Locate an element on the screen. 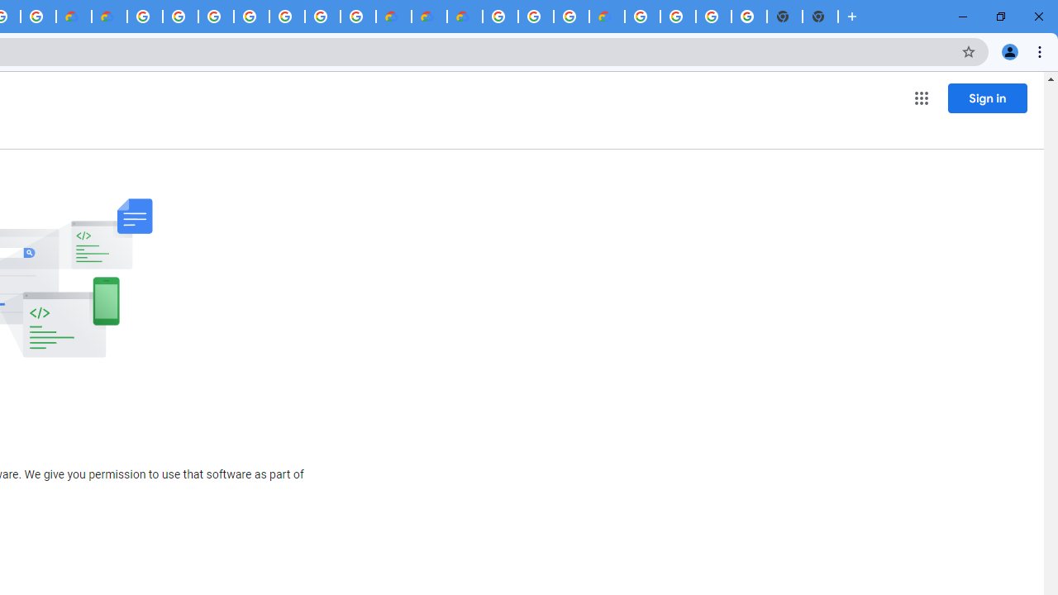 The height and width of the screenshot is (595, 1058). 'Google Cloud Platform' is located at coordinates (145, 17).